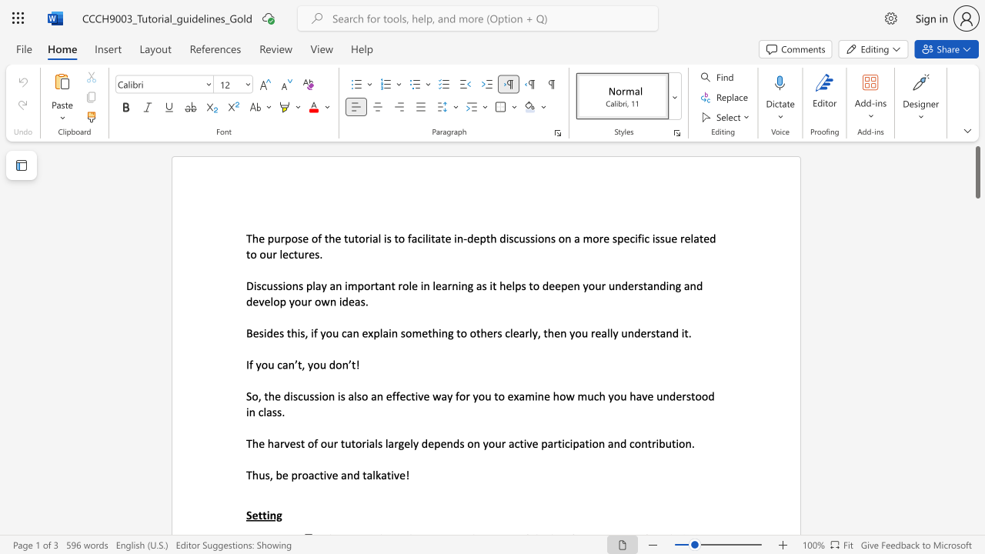 The width and height of the screenshot is (985, 554). What do you see at coordinates (977, 285) in the screenshot?
I see `the scrollbar on the right` at bounding box center [977, 285].